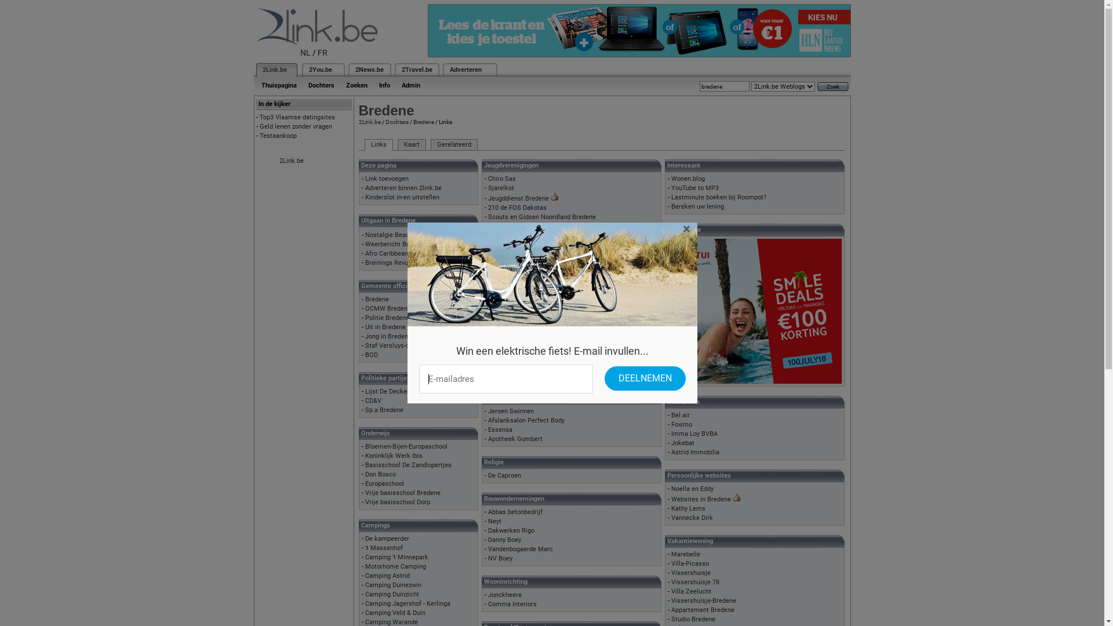 The image size is (1113, 626). What do you see at coordinates (412, 235) in the screenshot?
I see `'Nostalgie Beachfestival Bredene'` at bounding box center [412, 235].